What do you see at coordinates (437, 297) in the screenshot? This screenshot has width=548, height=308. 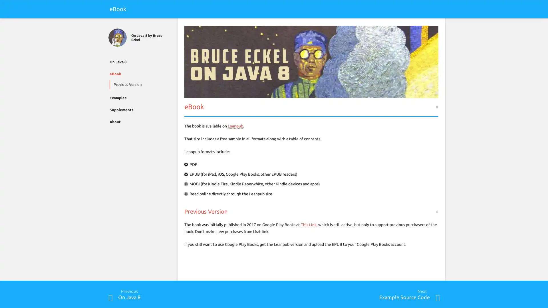 I see `Next` at bounding box center [437, 297].